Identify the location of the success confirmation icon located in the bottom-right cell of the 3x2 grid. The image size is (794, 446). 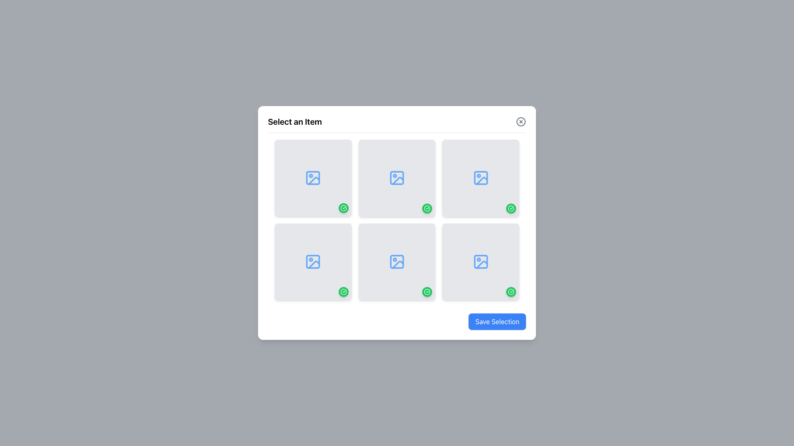
(511, 208).